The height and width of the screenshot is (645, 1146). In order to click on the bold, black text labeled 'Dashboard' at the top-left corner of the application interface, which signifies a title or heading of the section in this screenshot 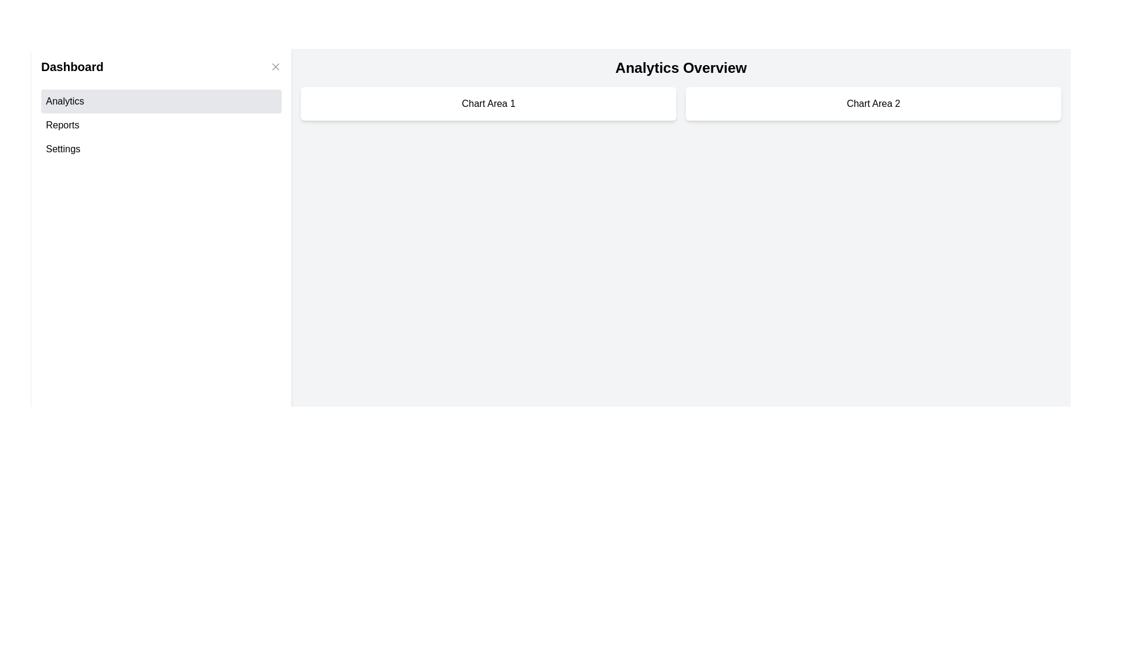, I will do `click(72, 66)`.